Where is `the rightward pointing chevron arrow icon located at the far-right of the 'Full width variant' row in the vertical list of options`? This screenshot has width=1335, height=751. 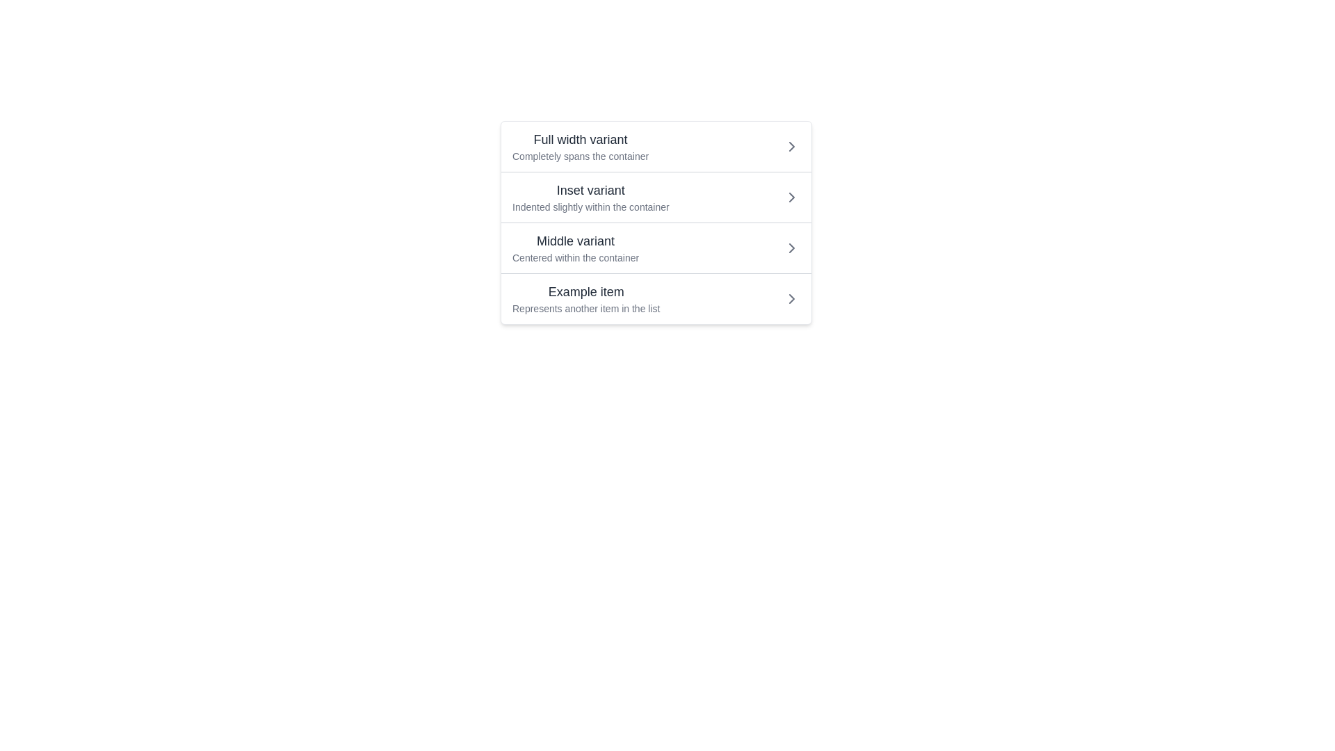
the rightward pointing chevron arrow icon located at the far-right of the 'Full width variant' row in the vertical list of options is located at coordinates (791, 147).